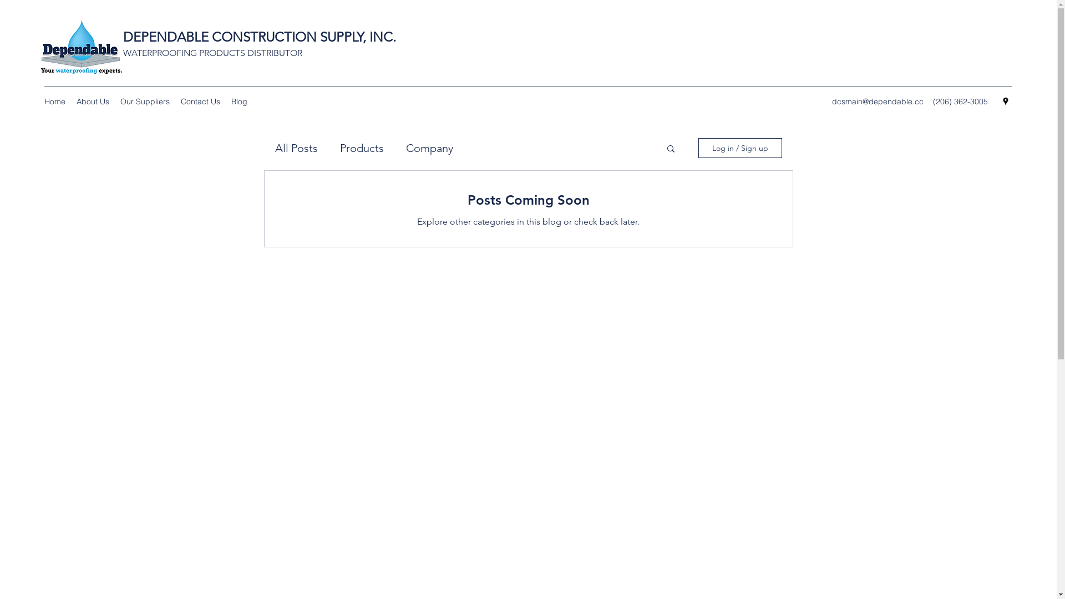 The image size is (1065, 599). Describe the element at coordinates (54, 101) in the screenshot. I see `'Home'` at that location.